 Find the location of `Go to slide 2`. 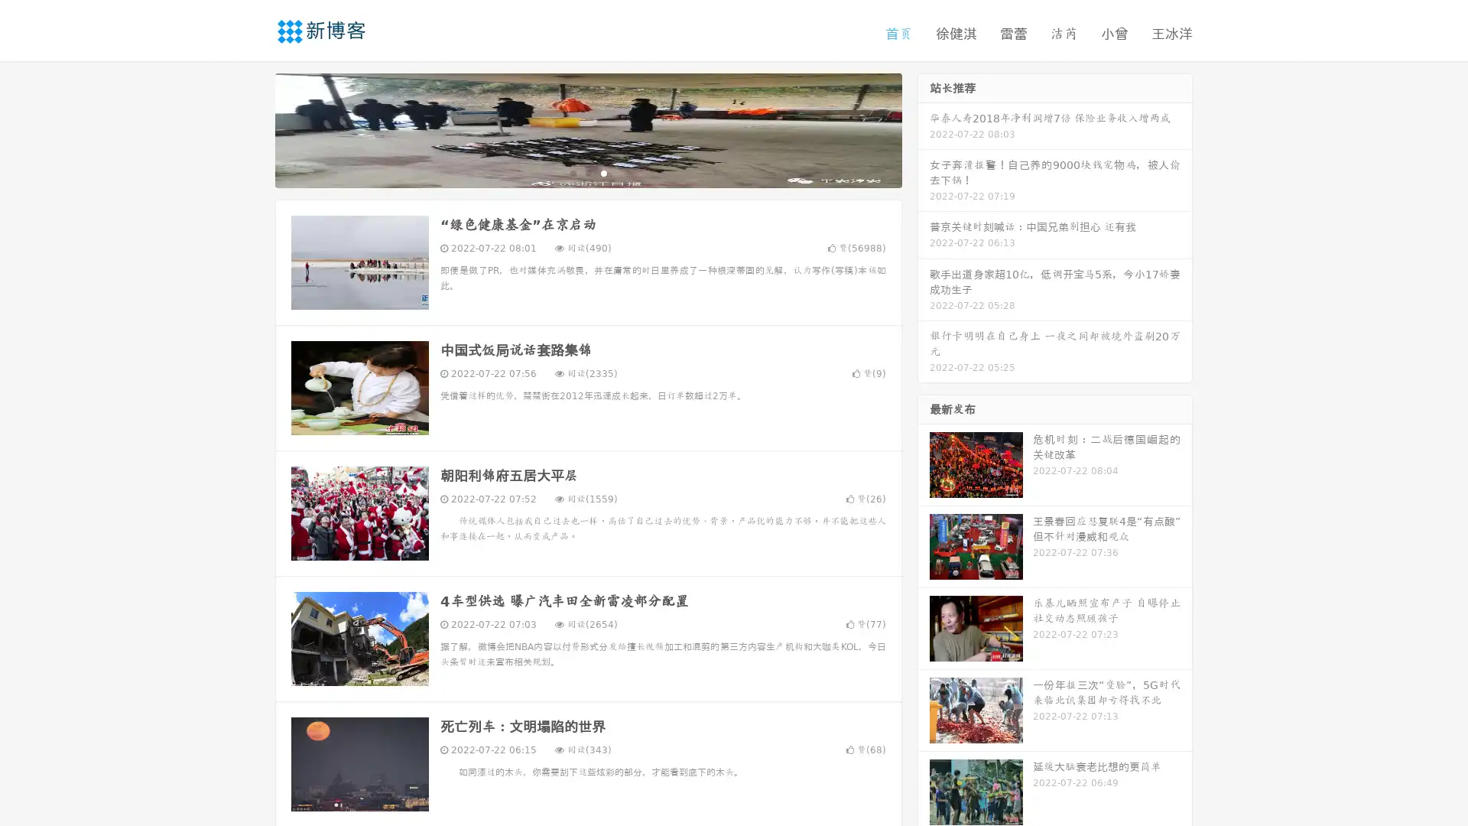

Go to slide 2 is located at coordinates (587, 172).